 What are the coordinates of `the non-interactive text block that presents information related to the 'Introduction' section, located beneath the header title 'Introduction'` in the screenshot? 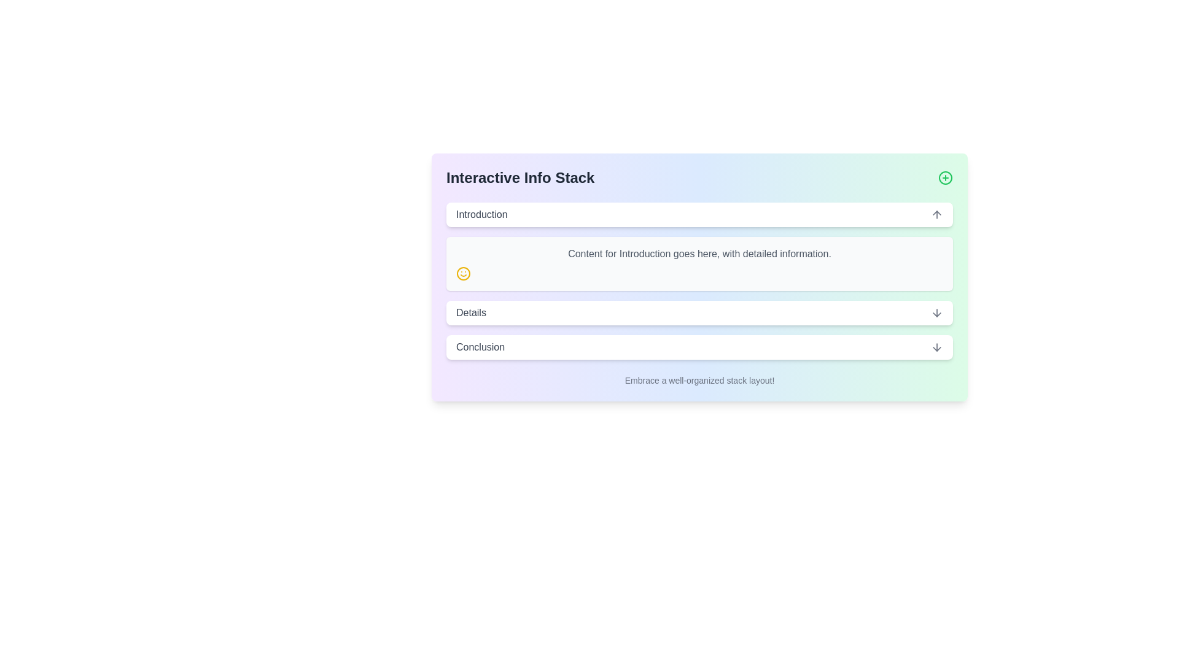 It's located at (699, 246).